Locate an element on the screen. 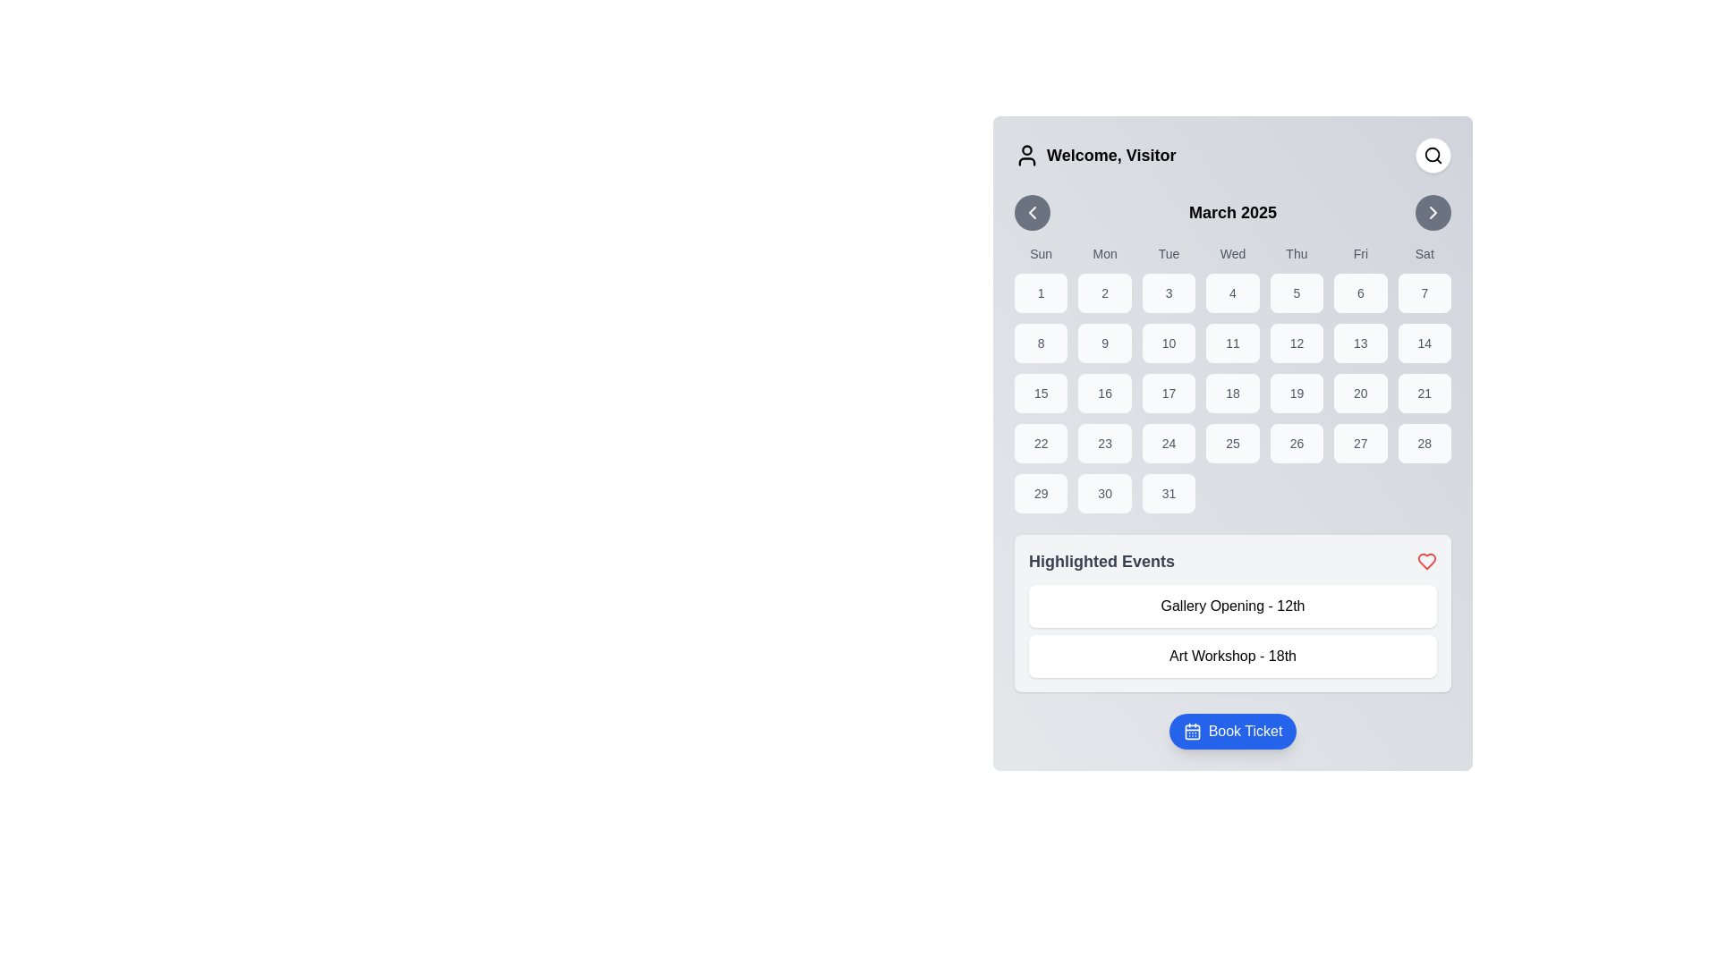 This screenshot has width=1718, height=966. the Calendar date cell displaying '1', styled as a button with rounded corners and a light gray background, located in the top-left corner of the calendar under 'Sun' is located at coordinates (1041, 292).